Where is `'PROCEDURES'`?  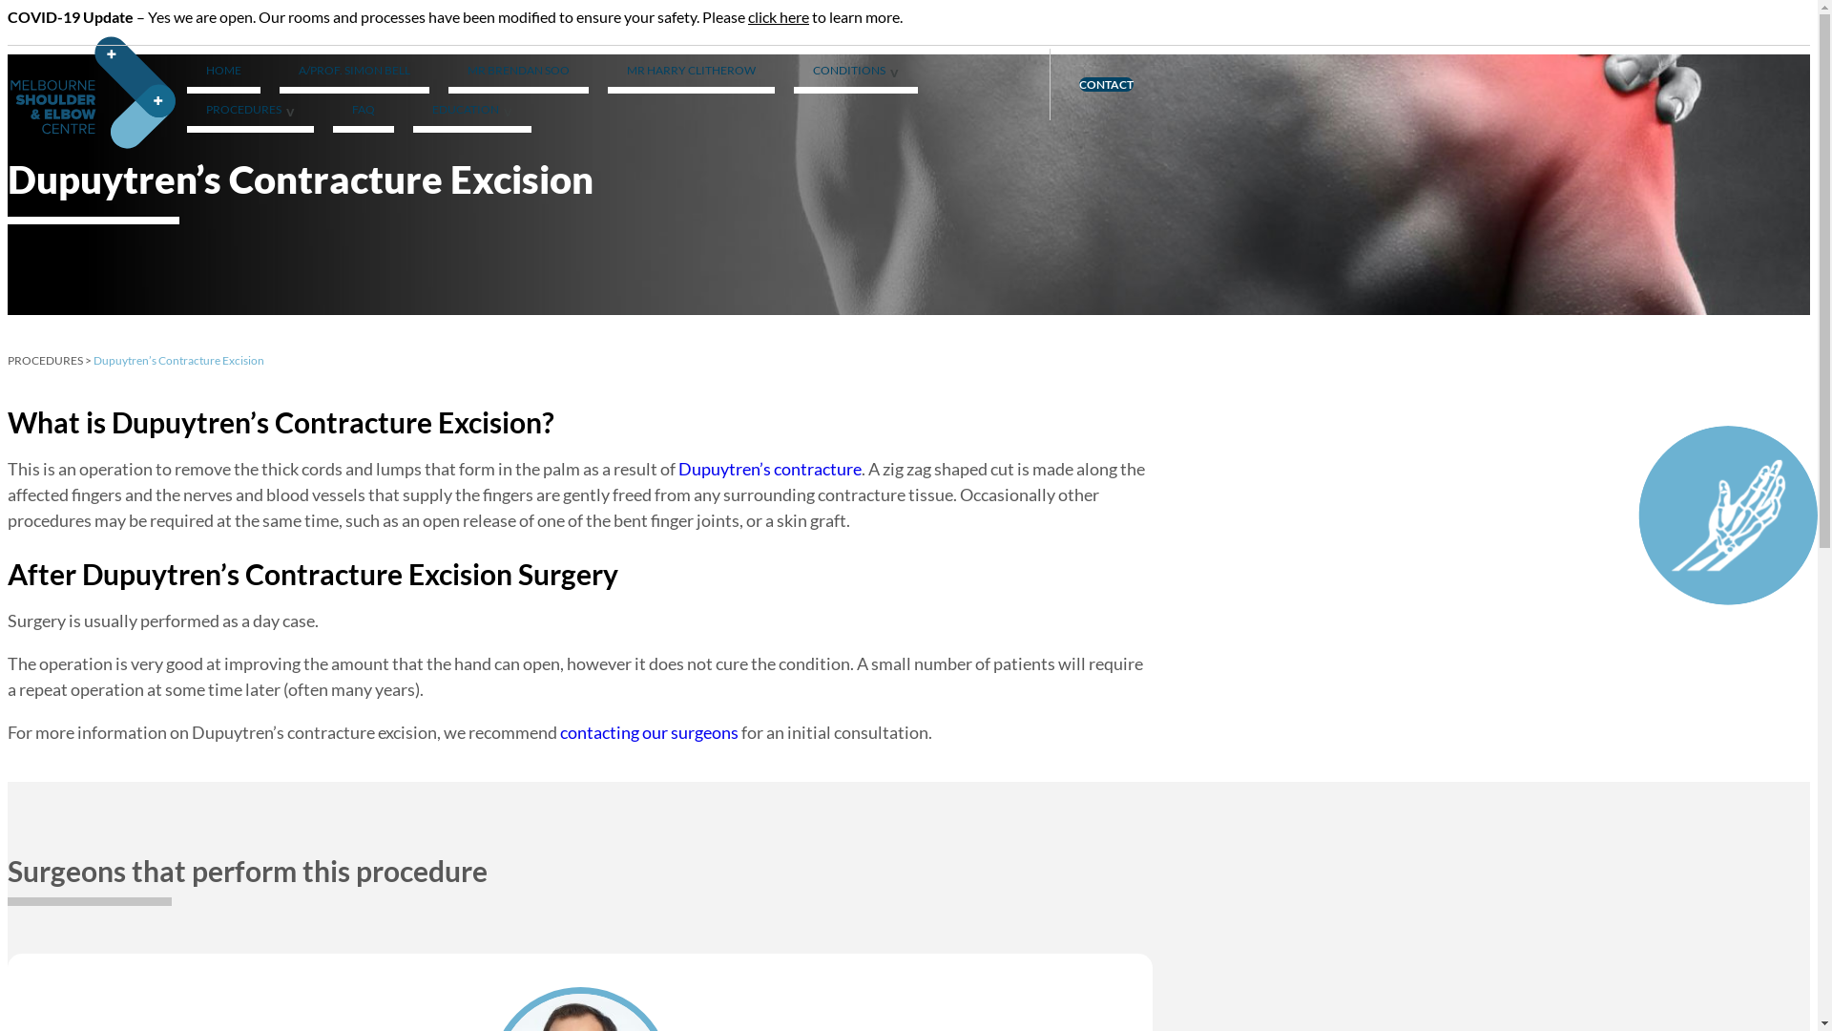 'PROCEDURES' is located at coordinates (249, 113).